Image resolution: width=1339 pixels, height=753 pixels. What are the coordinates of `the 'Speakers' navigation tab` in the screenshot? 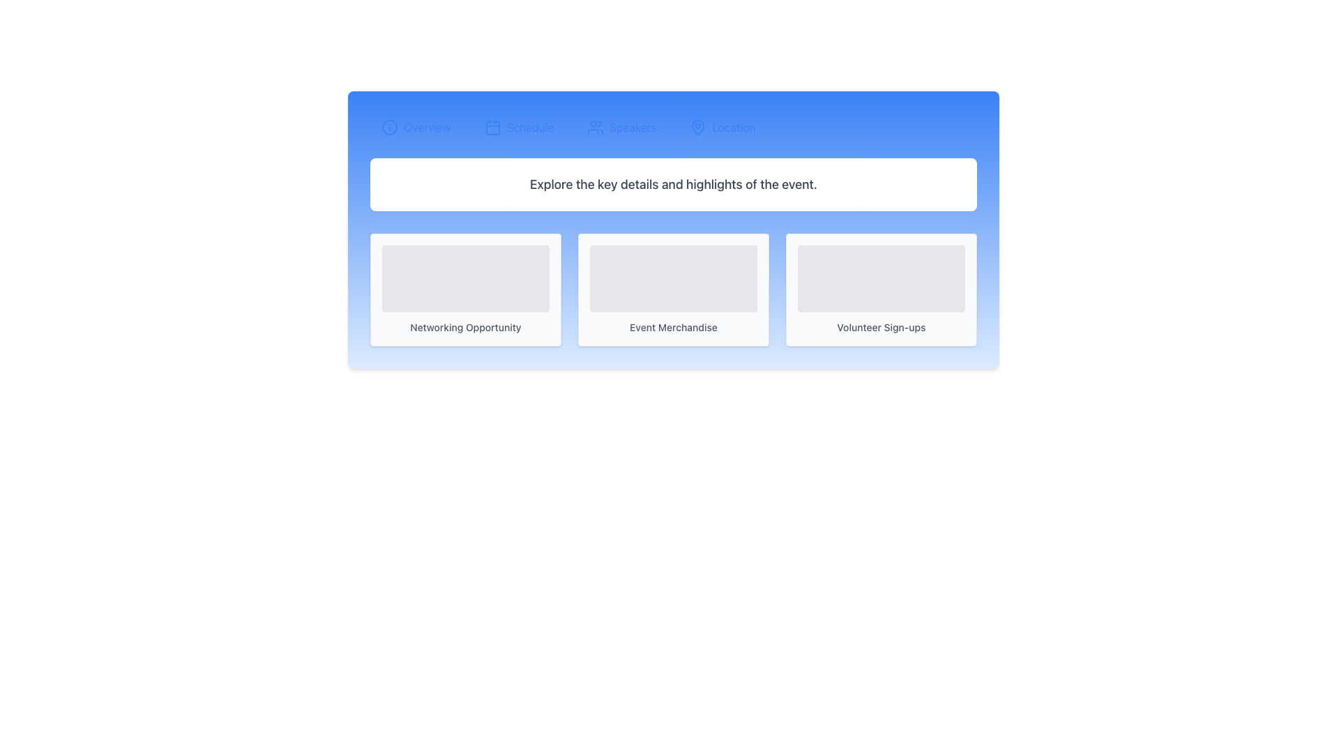 It's located at (621, 127).